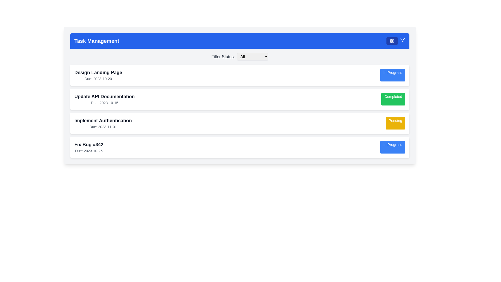 This screenshot has width=501, height=282. I want to click on the task entry for 'Update API Documentation' which is marked as 'Completed' by clicking on its center point, so click(239, 99).